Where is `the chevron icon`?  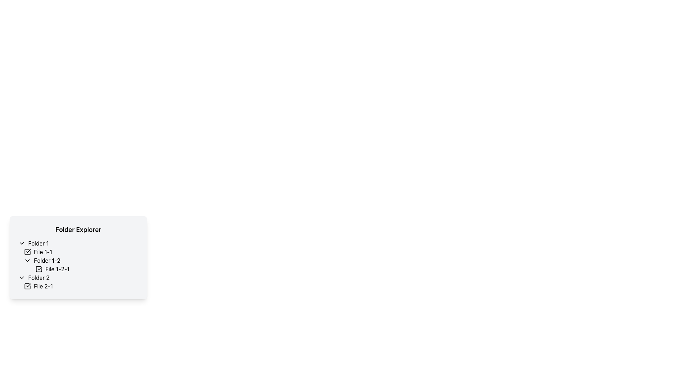 the chevron icon is located at coordinates (22, 243).